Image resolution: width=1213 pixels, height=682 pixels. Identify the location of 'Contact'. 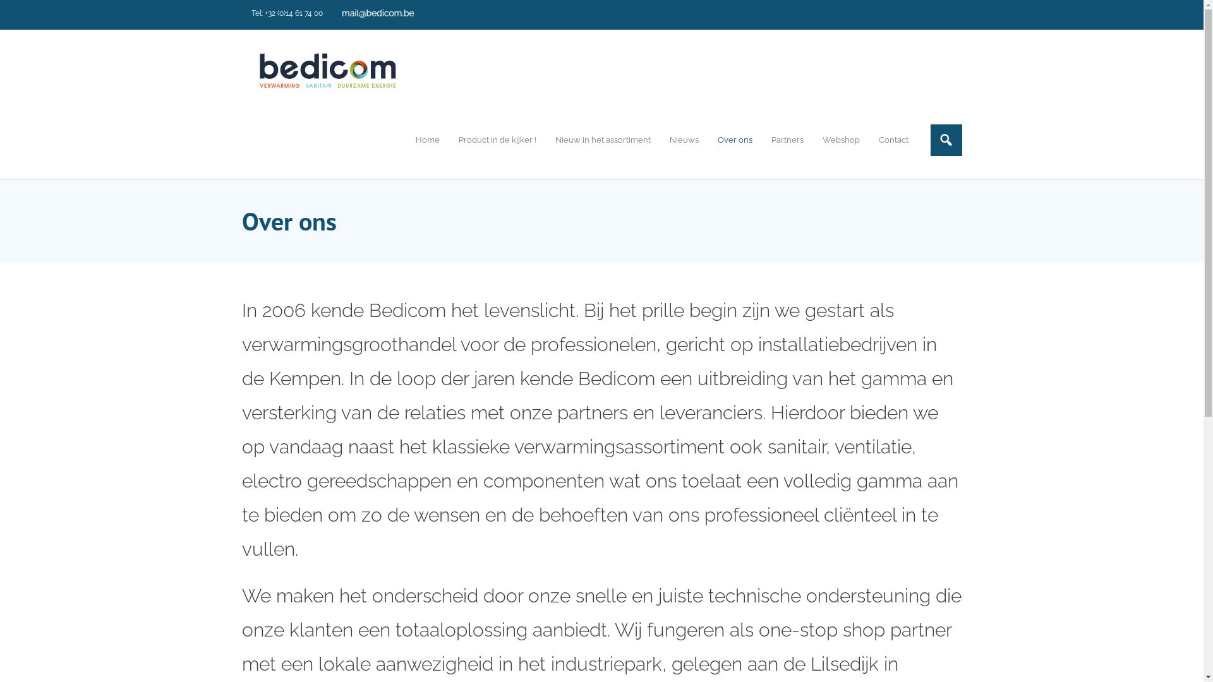
(869, 140).